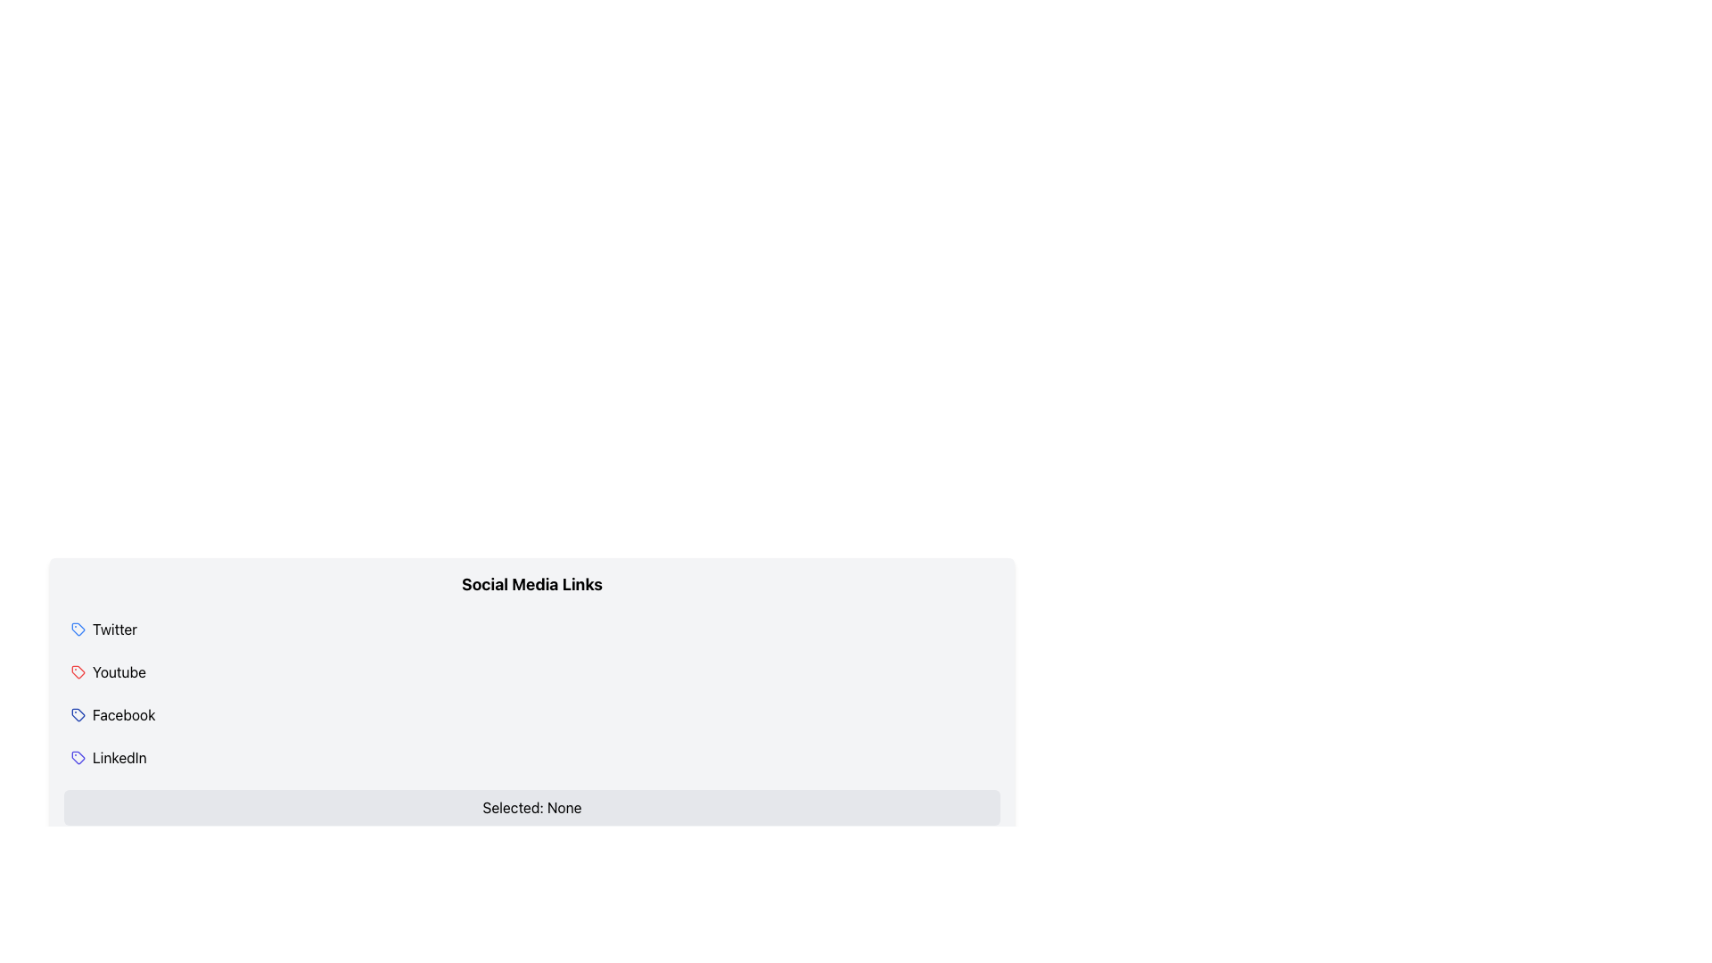 The image size is (1712, 963). Describe the element at coordinates (77, 671) in the screenshot. I see `the red tag icon located to the left of the 'Youtube' text in the 'Social Media Links' section` at that location.